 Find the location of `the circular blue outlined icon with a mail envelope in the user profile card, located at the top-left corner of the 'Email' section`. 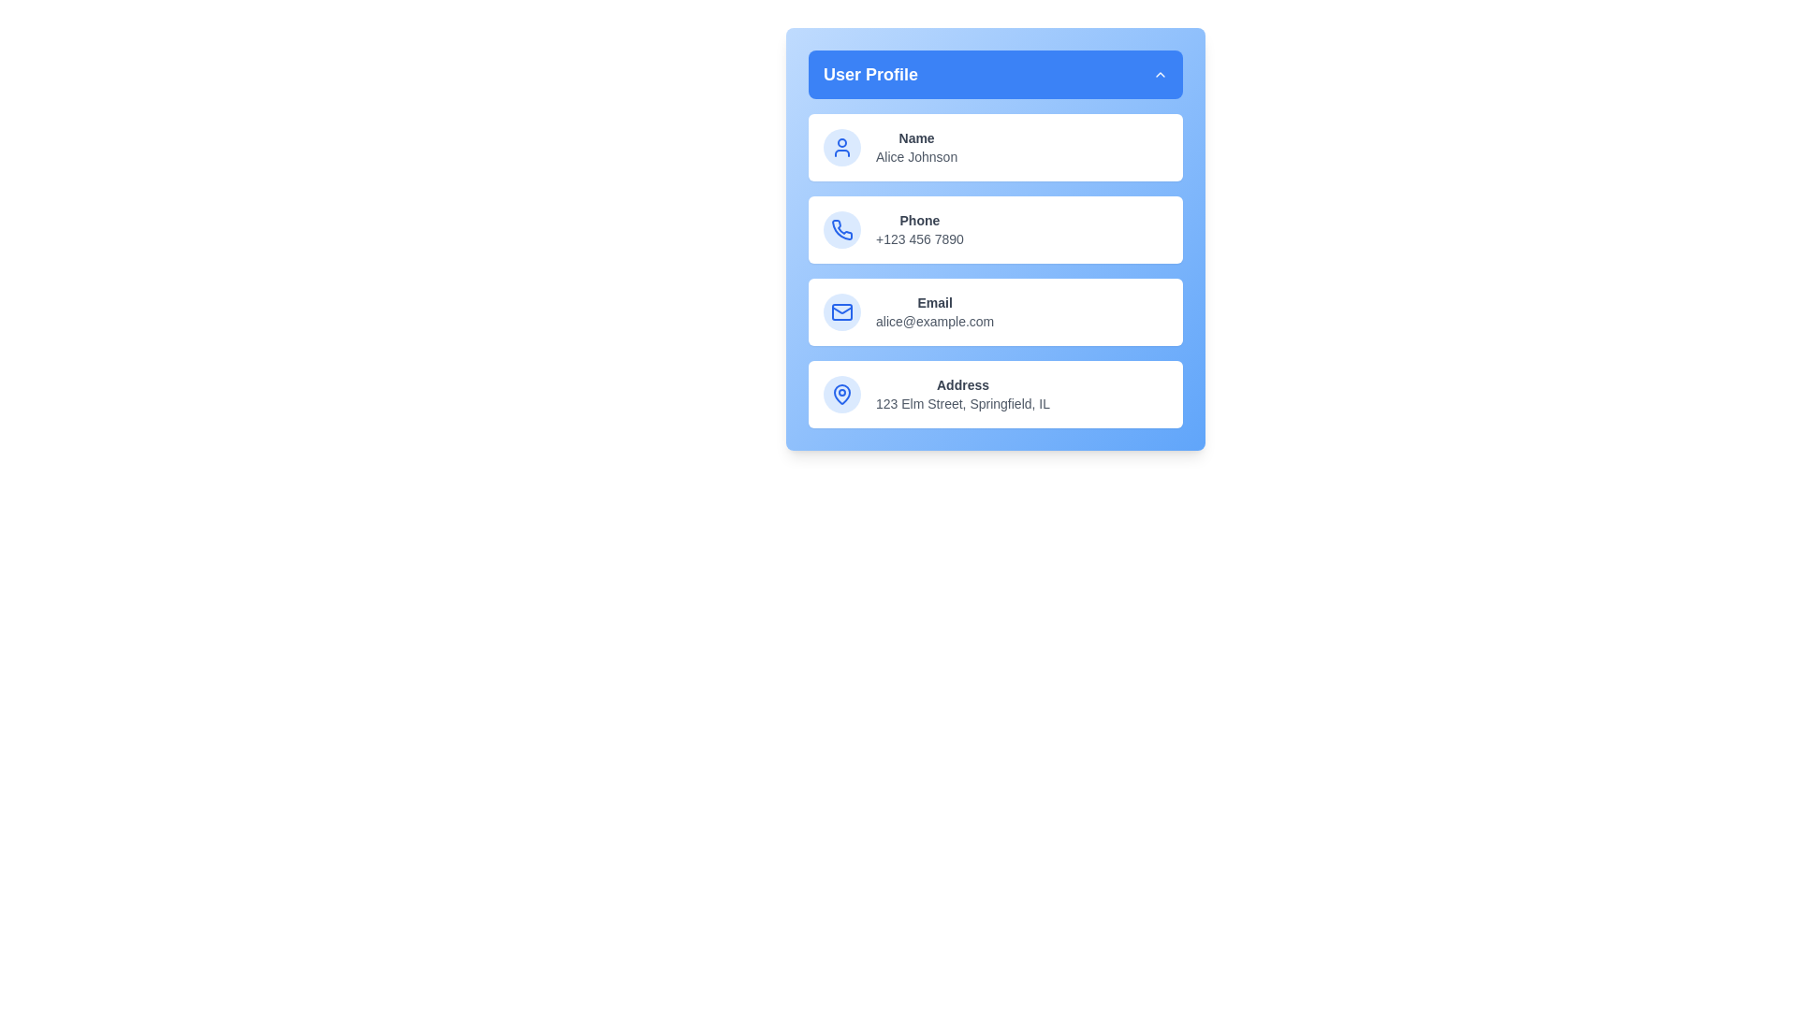

the circular blue outlined icon with a mail envelope in the user profile card, located at the top-left corner of the 'Email' section is located at coordinates (841, 311).